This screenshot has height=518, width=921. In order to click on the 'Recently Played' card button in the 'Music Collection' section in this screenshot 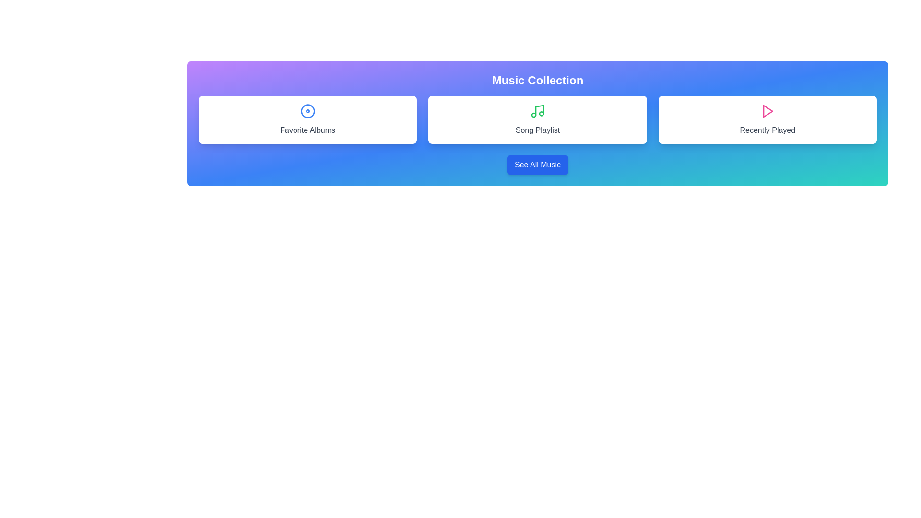, I will do `click(767, 119)`.